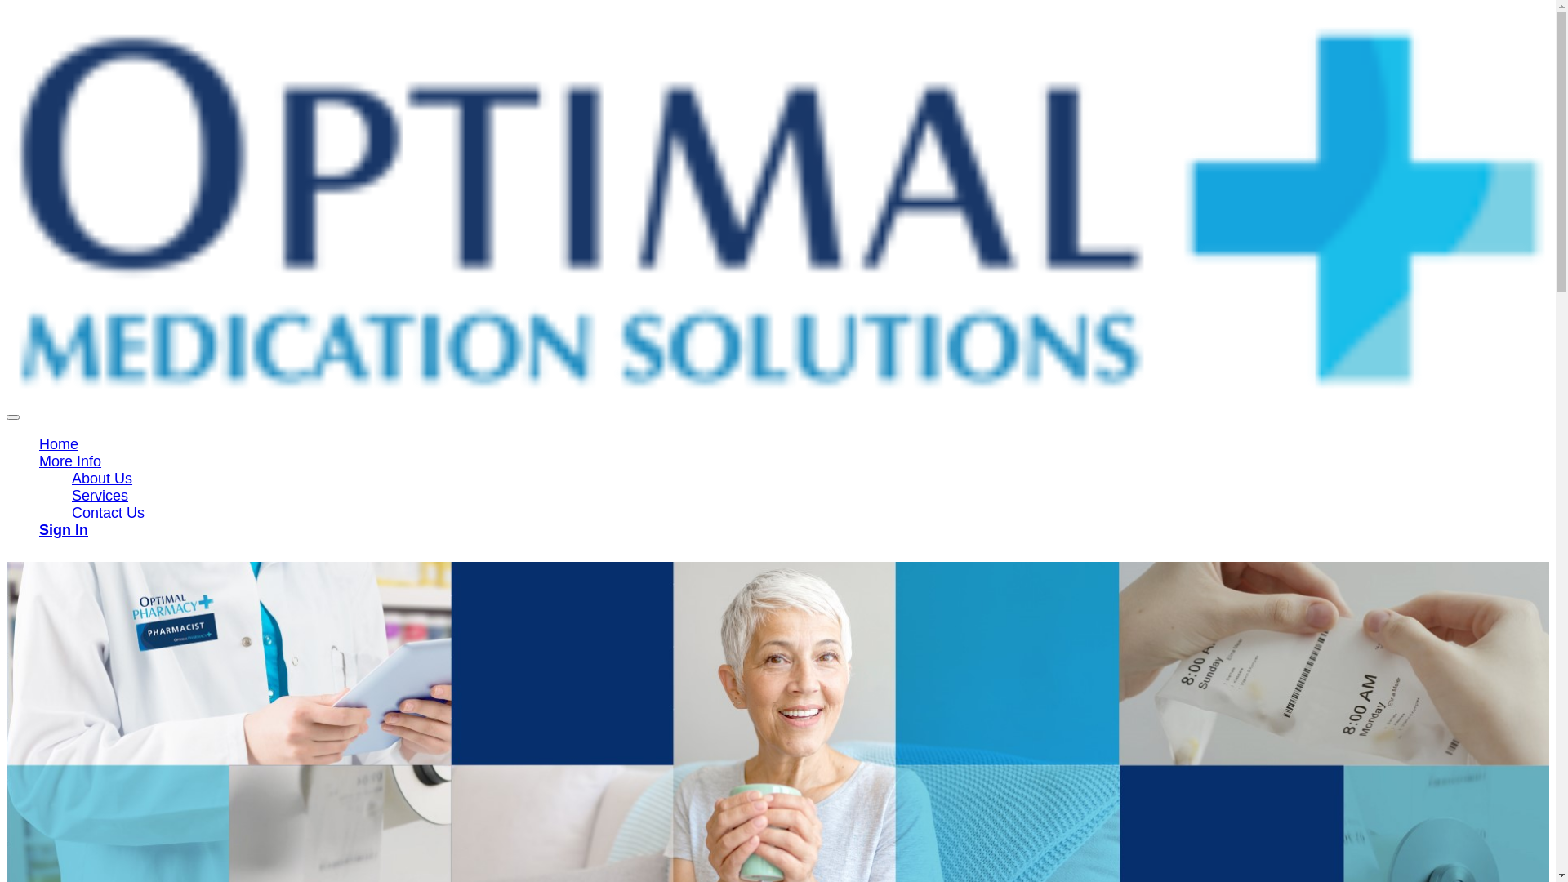 The width and height of the screenshot is (1568, 882). What do you see at coordinates (107, 512) in the screenshot?
I see `'Contact Us'` at bounding box center [107, 512].